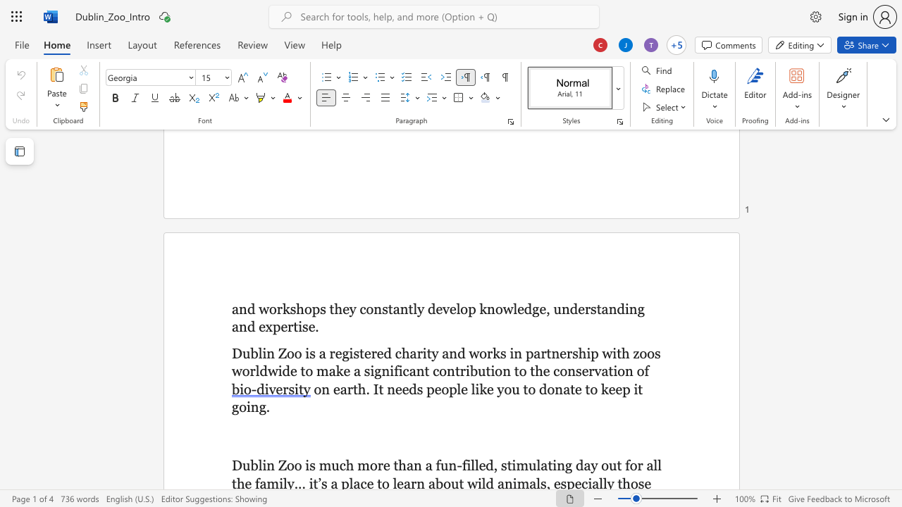 This screenshot has width=902, height=507. I want to click on the space between the continuous character "h" and "o" in the text, so click(303, 308).